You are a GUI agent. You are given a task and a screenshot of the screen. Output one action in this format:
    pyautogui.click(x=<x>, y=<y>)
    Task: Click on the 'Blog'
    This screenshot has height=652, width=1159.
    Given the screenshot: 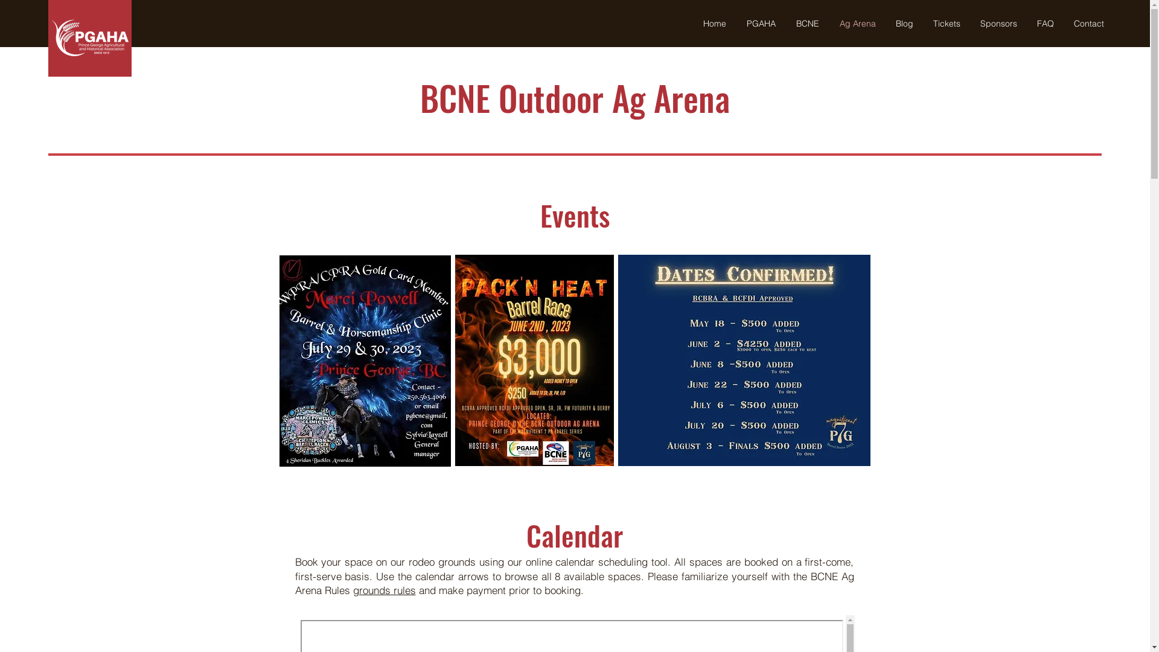 What is the action you would take?
    pyautogui.click(x=904, y=23)
    